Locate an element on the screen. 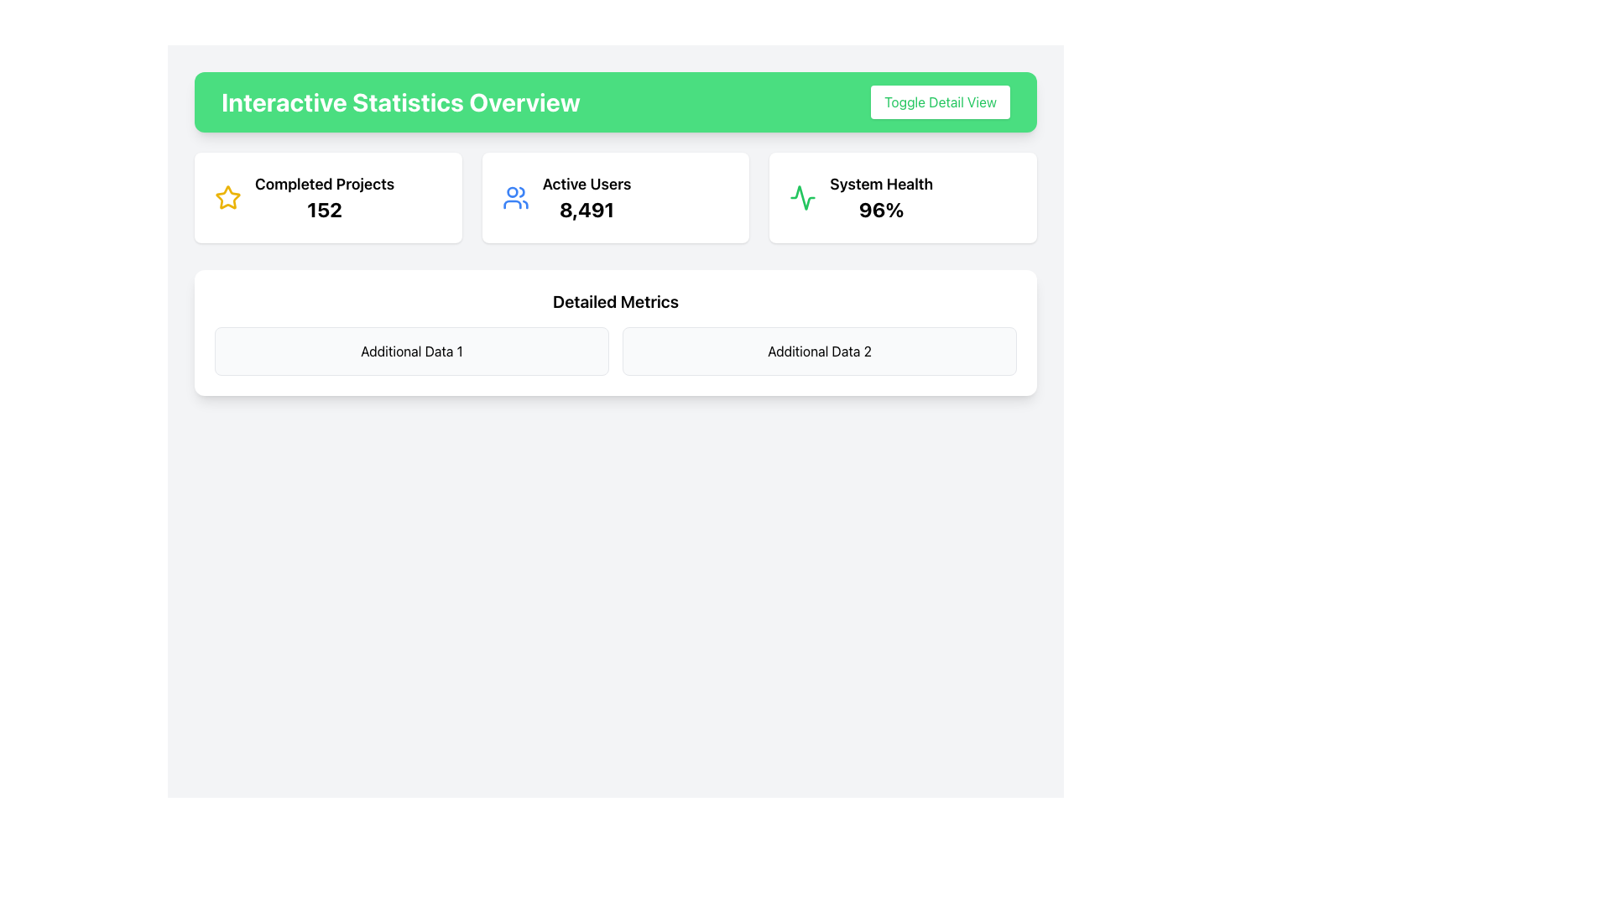 Image resolution: width=1611 pixels, height=906 pixels. the five-pointed yellow star icon located in the 'Completed Projects' card, positioned to the left of the text '152' is located at coordinates (227, 196).